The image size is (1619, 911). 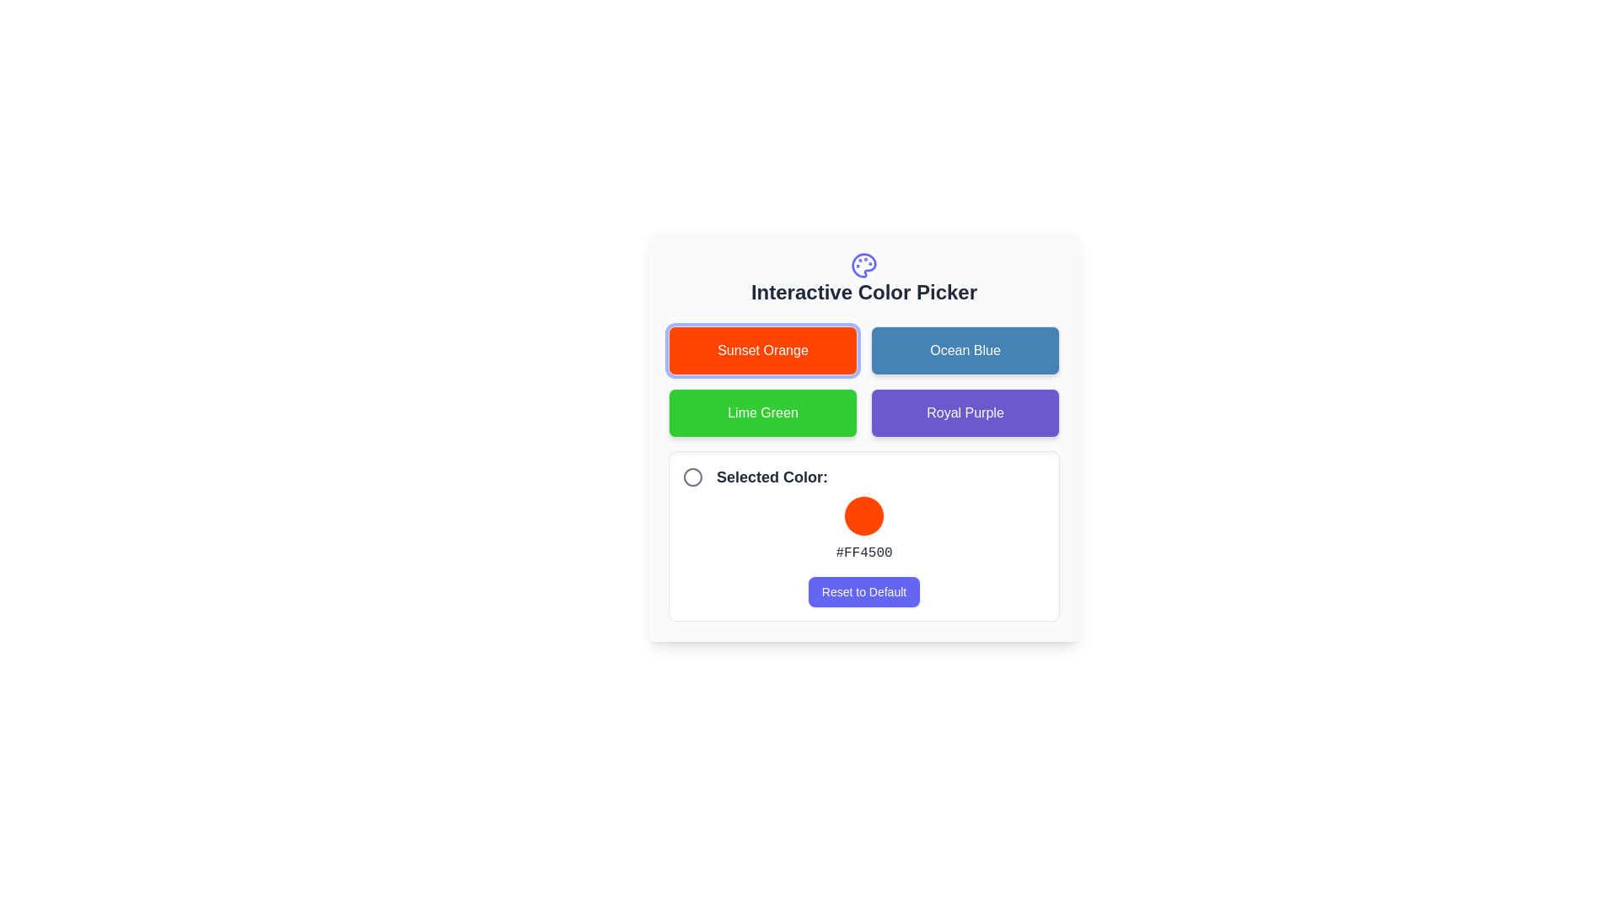 I want to click on keyboard navigation, so click(x=965, y=350).